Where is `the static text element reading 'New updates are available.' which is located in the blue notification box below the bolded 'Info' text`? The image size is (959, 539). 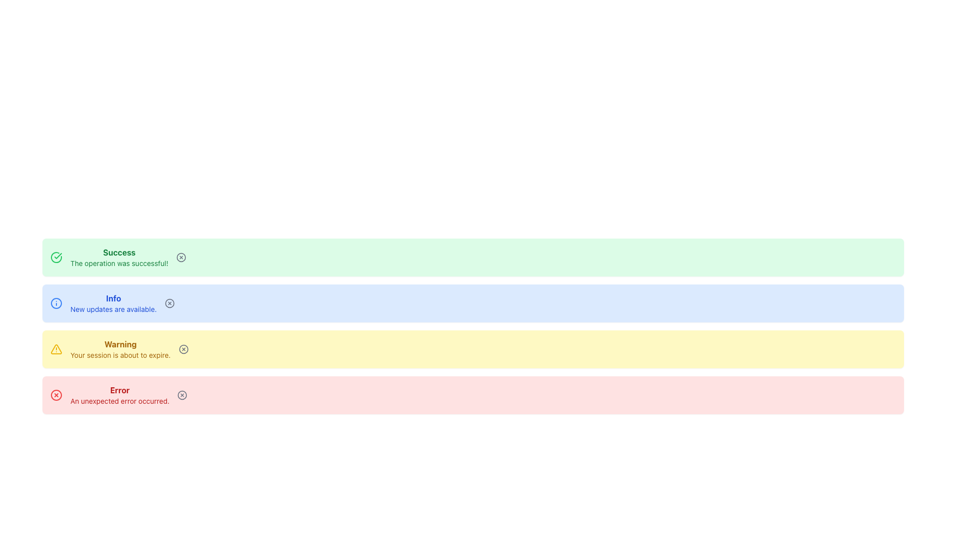 the static text element reading 'New updates are available.' which is located in the blue notification box below the bolded 'Info' text is located at coordinates (113, 309).